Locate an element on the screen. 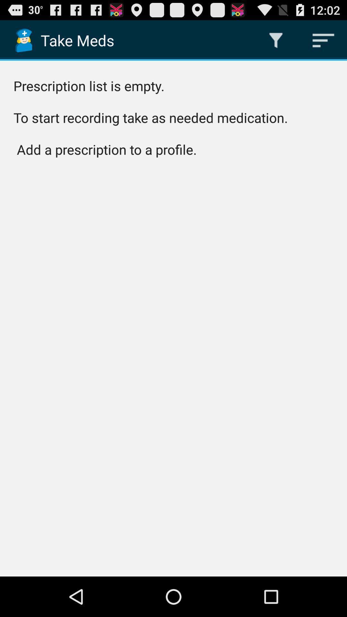  the icon above prescription list is item is located at coordinates (276, 40).